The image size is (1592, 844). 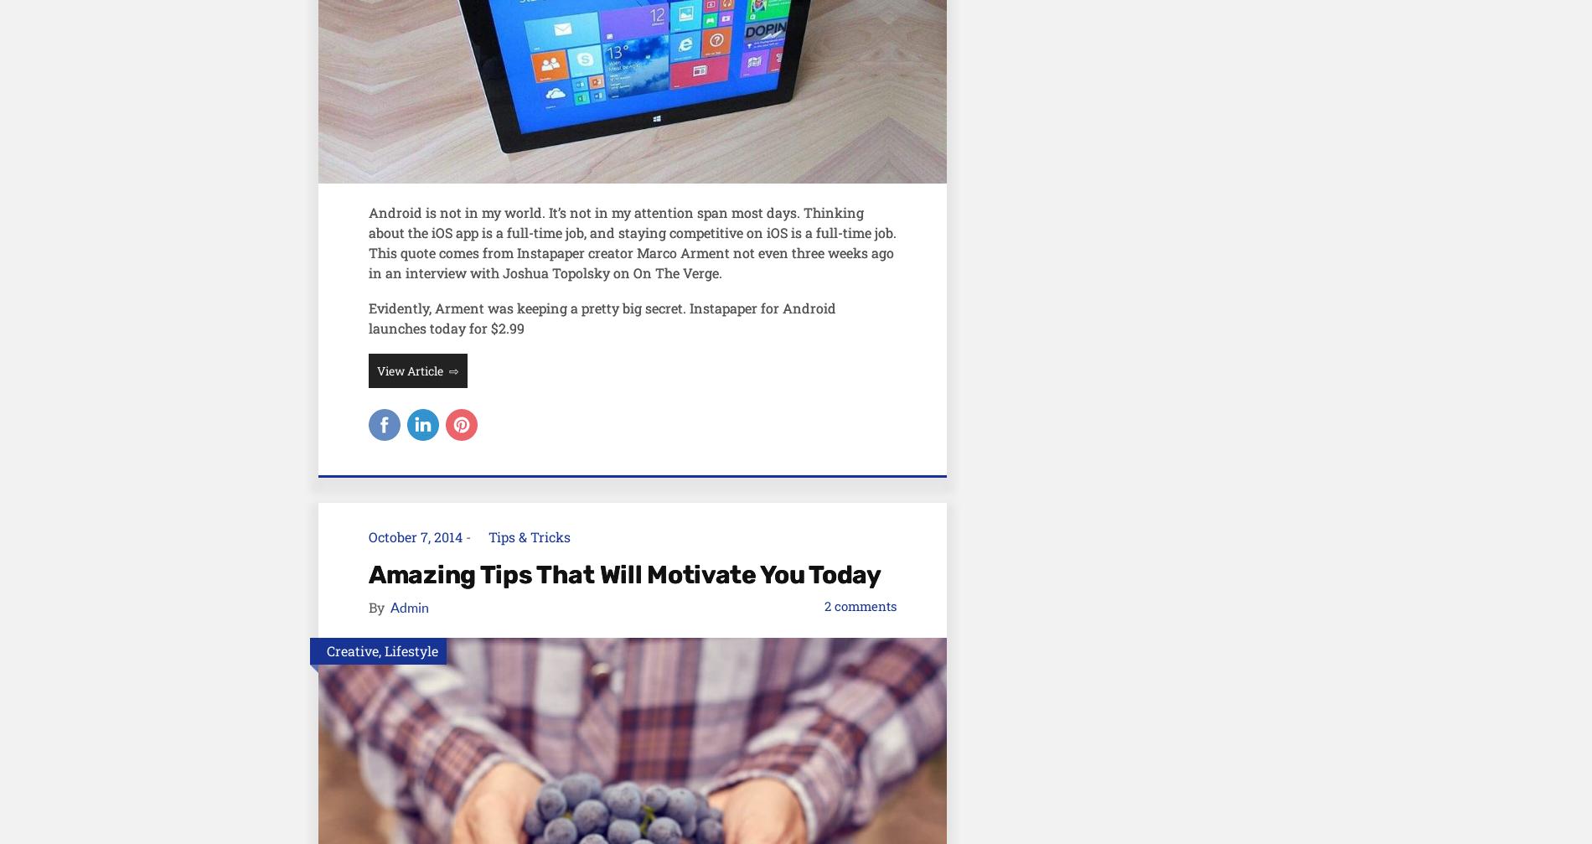 What do you see at coordinates (375, 370) in the screenshot?
I see `'View Article'` at bounding box center [375, 370].